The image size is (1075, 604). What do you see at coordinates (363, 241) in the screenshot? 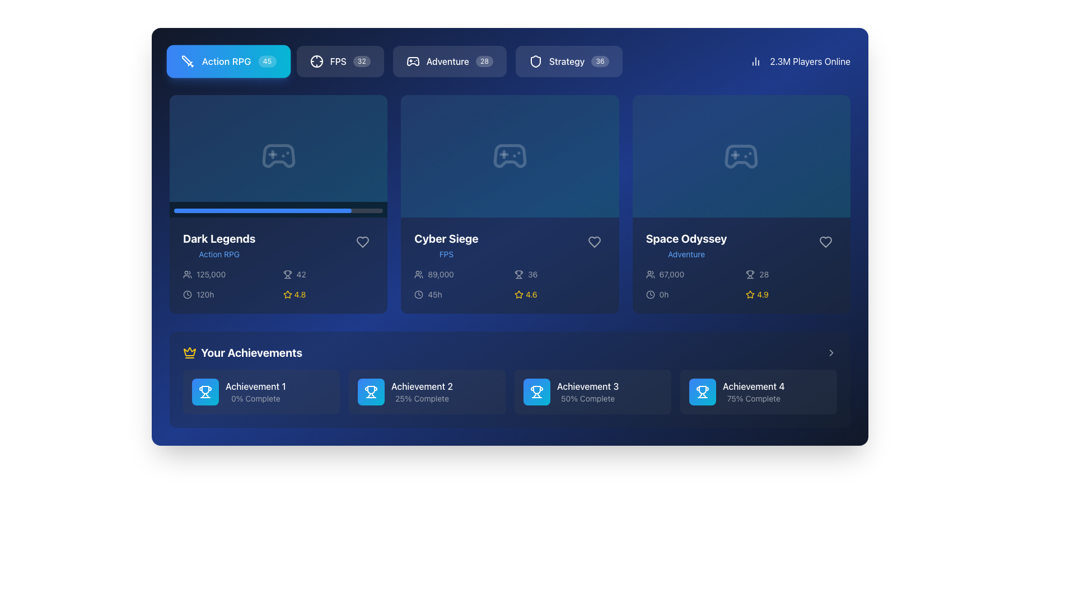
I see `the heart-shaped icon filled with blue color, located in the top-right corner of the 'Dark Legends' card` at bounding box center [363, 241].